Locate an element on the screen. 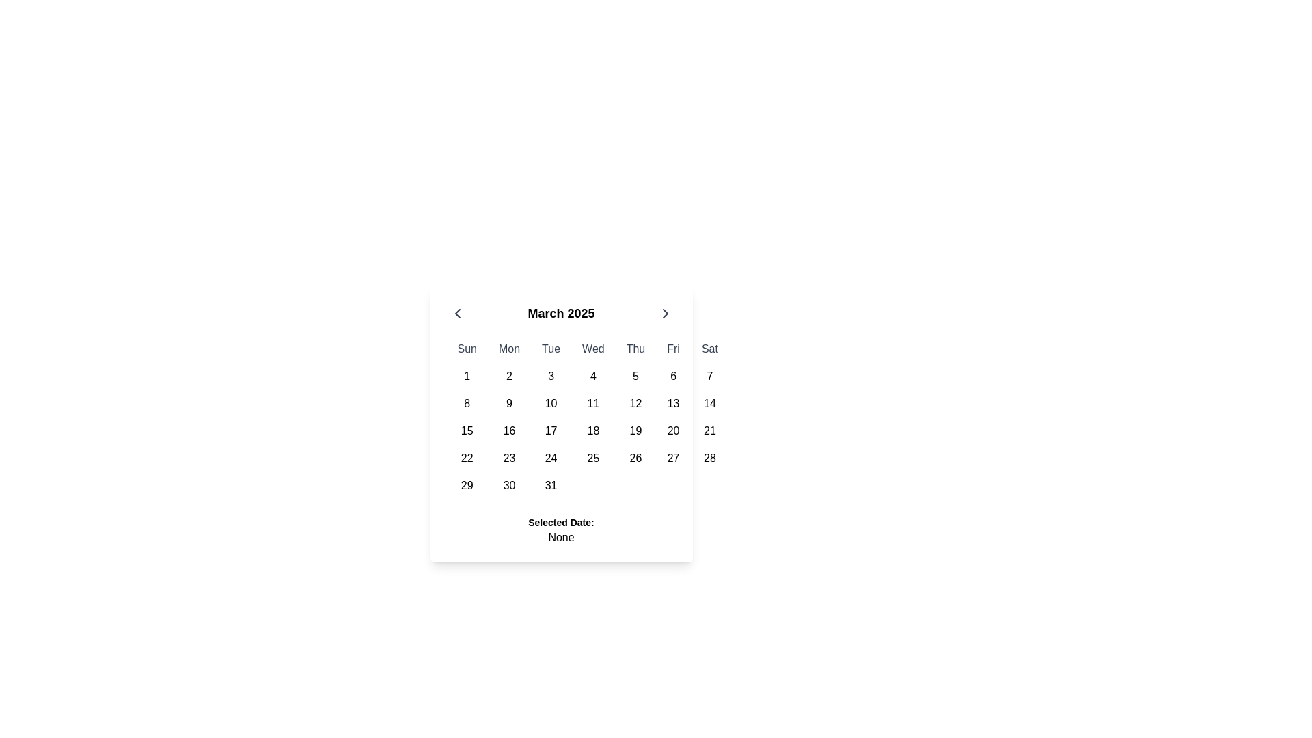 This screenshot has height=738, width=1312. the non-interactive button displaying the number '12' in the calendar grid layout is located at coordinates (635, 402).